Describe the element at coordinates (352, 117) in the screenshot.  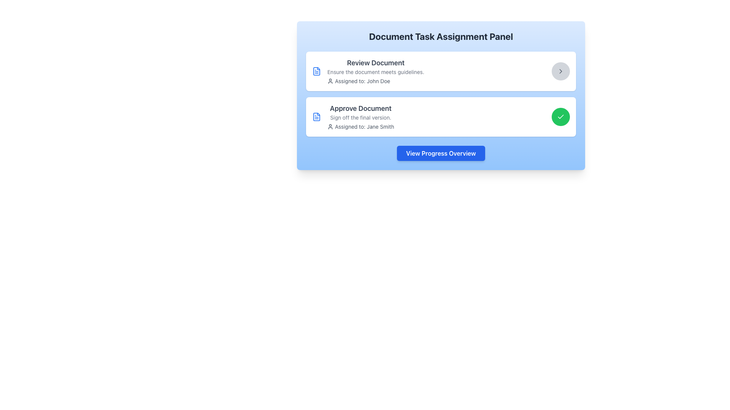
I see `information contained in the informational text block with icon that displays details about a document approval task, located below the 'Review Document' task and above the 'View Progress Overview' button` at that location.